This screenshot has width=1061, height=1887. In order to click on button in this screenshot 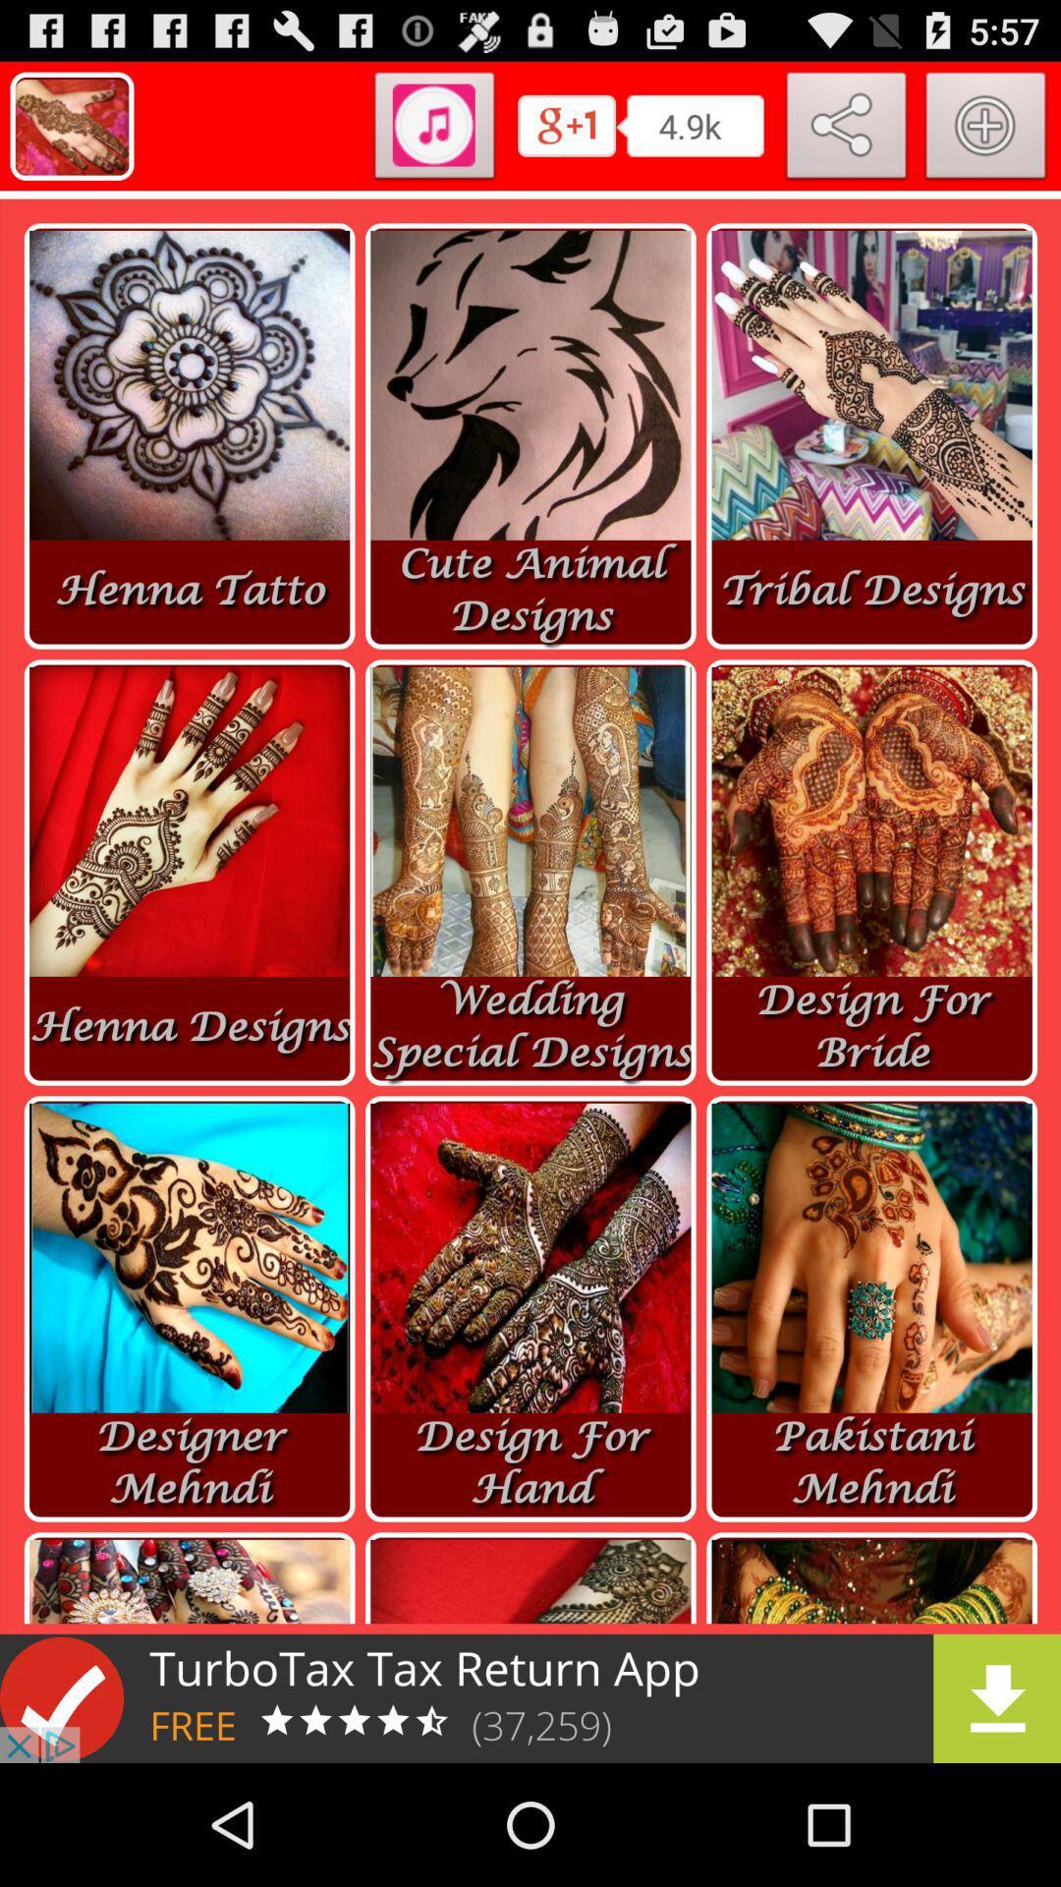, I will do `click(985, 129)`.